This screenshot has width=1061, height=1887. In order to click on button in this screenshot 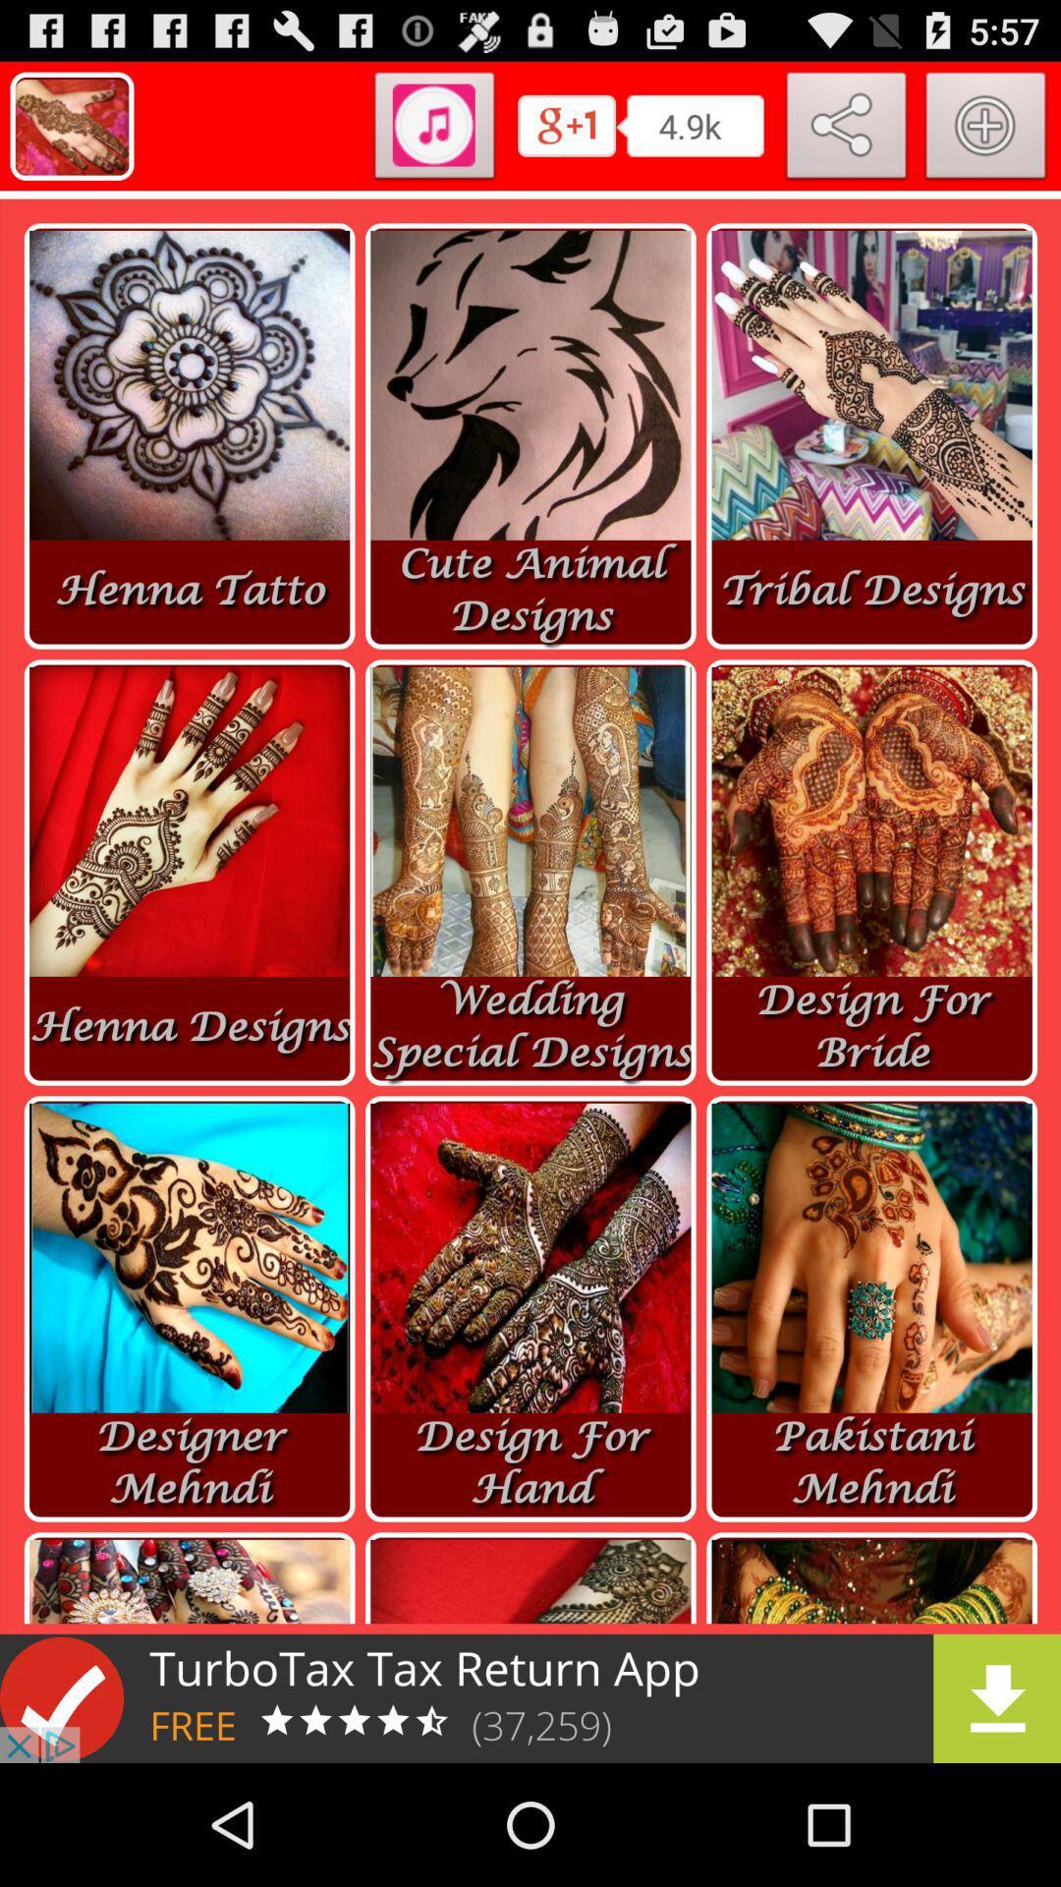, I will do `click(985, 129)`.